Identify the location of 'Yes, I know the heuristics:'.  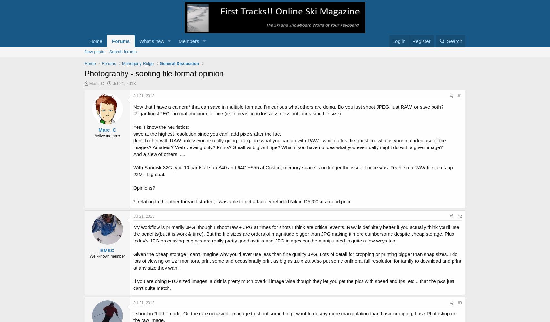
(161, 127).